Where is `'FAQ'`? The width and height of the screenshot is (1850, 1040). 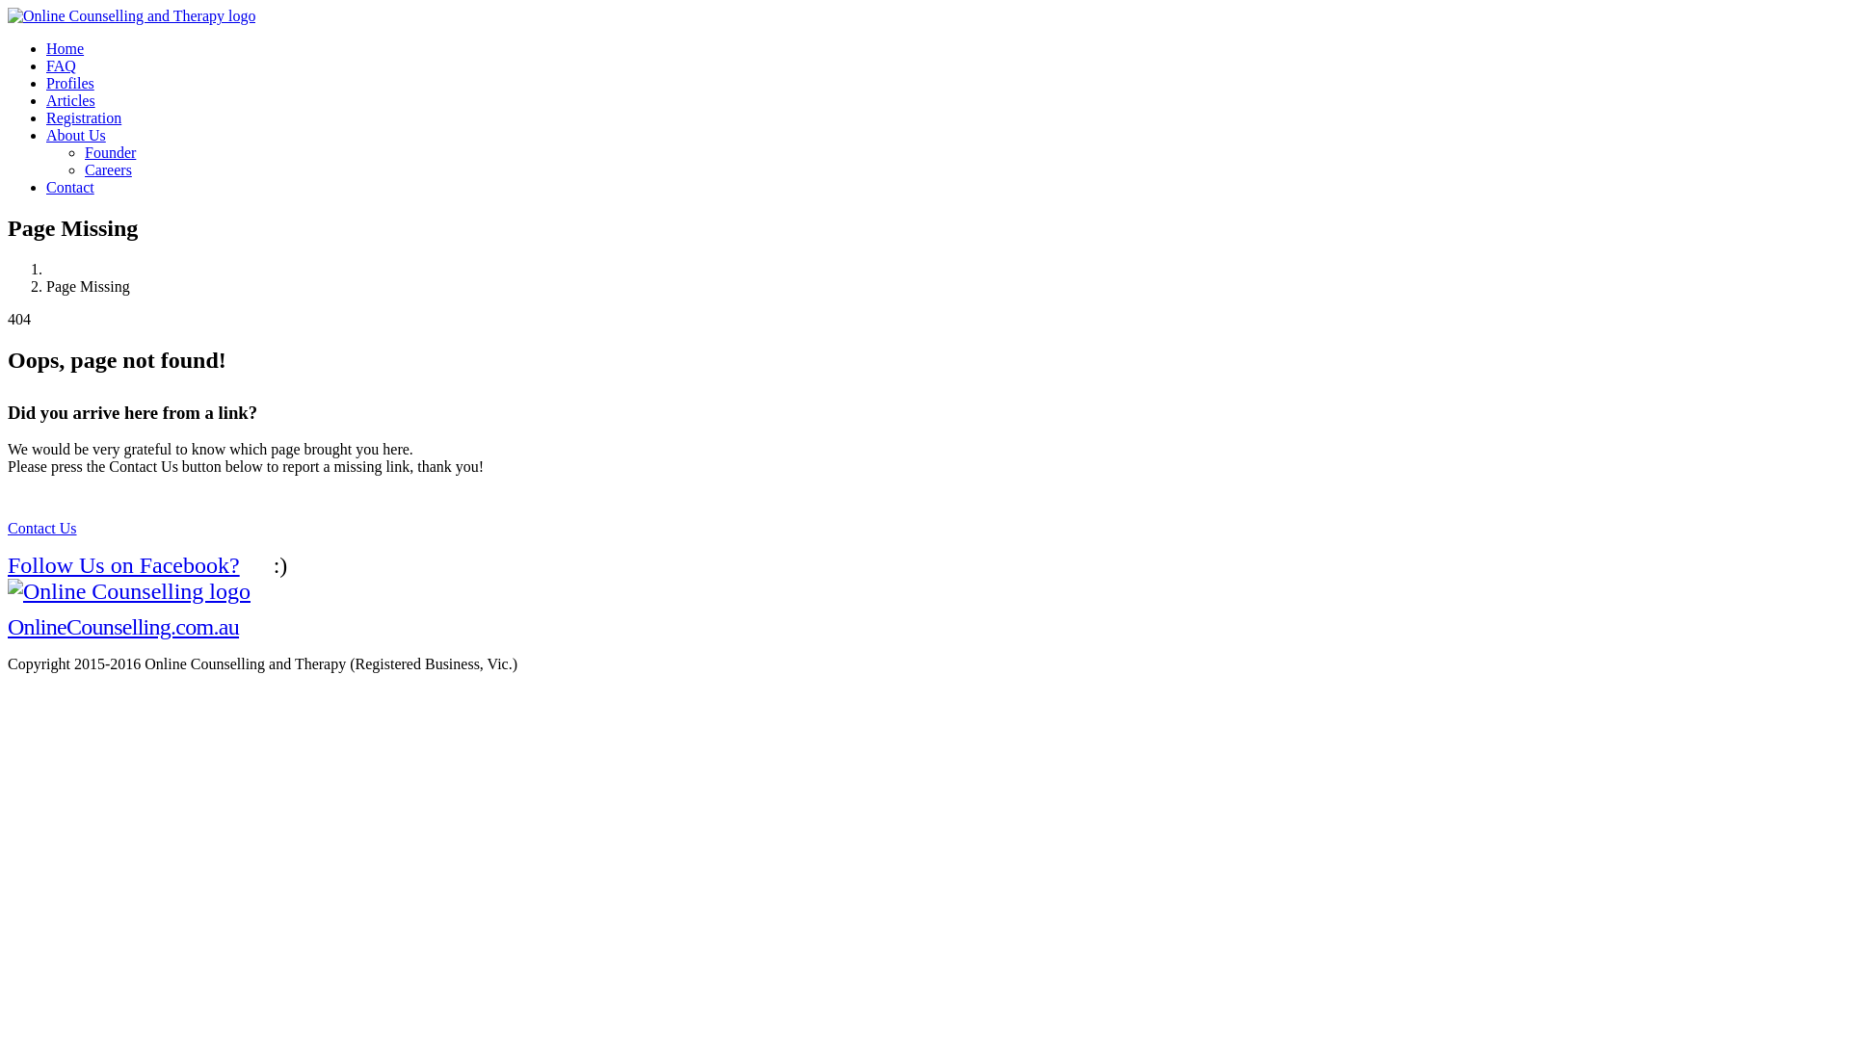
'FAQ' is located at coordinates (61, 65).